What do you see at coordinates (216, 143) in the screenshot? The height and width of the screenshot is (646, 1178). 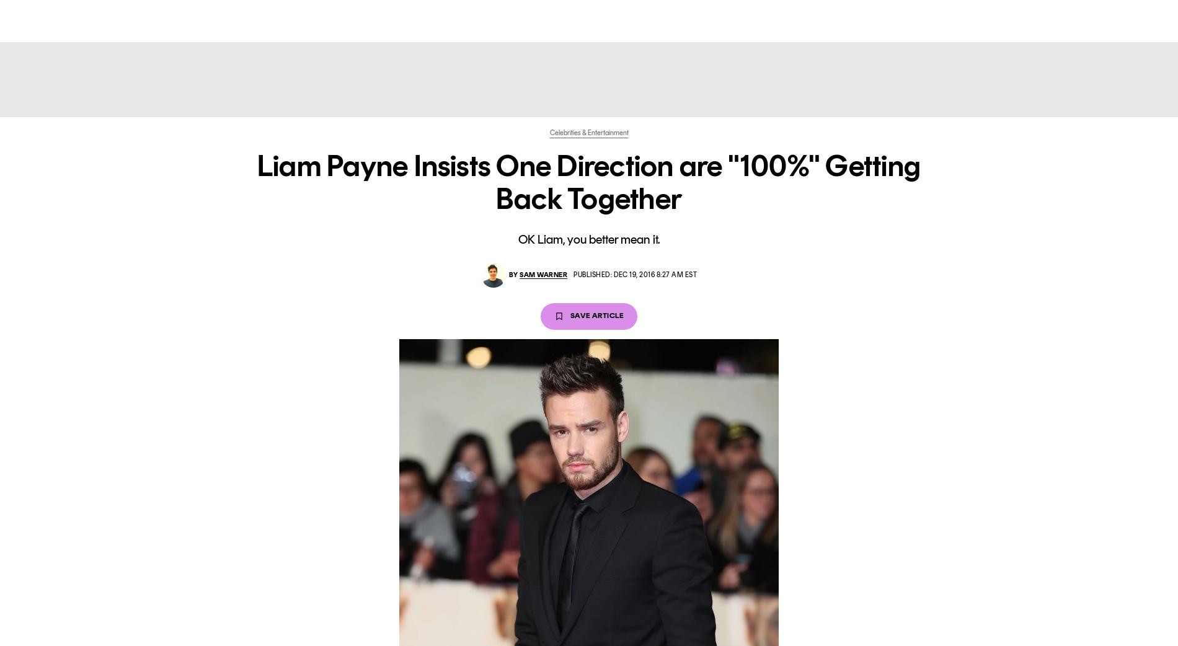 I see `'Charlie Puth’s Full Dating History Over the Years'` at bounding box center [216, 143].